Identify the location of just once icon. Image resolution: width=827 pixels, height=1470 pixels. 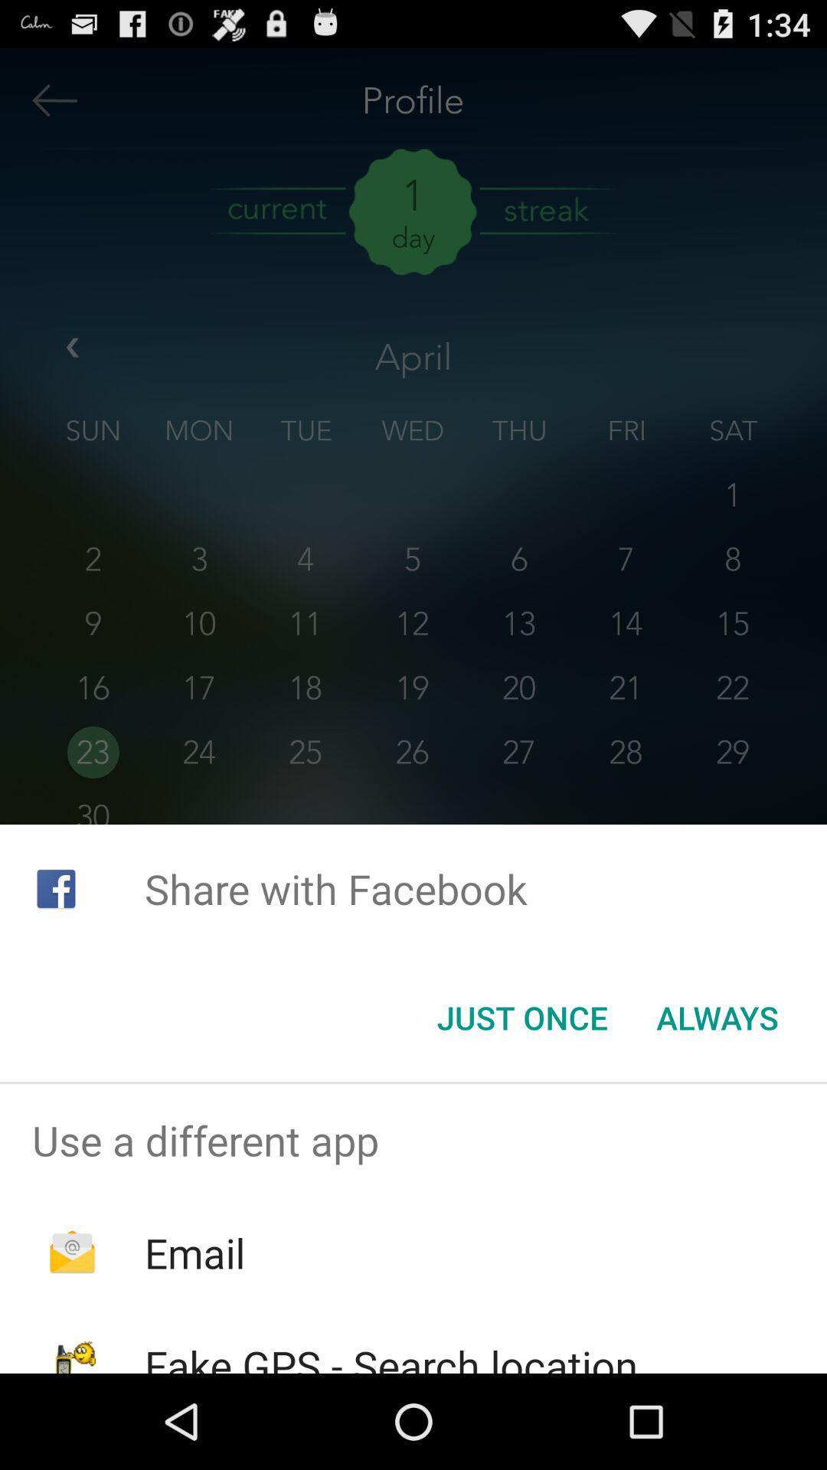
(521, 1018).